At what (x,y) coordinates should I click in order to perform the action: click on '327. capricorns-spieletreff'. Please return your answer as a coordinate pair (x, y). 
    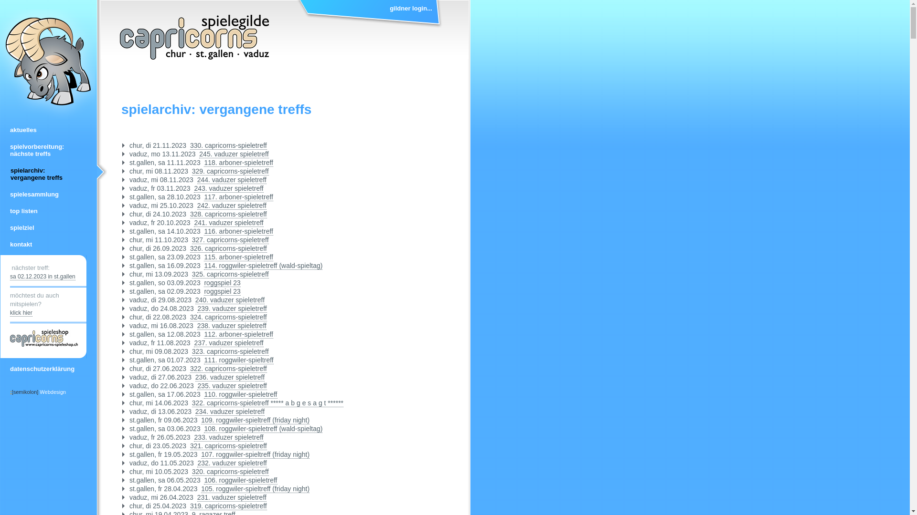
    Looking at the image, I should click on (230, 239).